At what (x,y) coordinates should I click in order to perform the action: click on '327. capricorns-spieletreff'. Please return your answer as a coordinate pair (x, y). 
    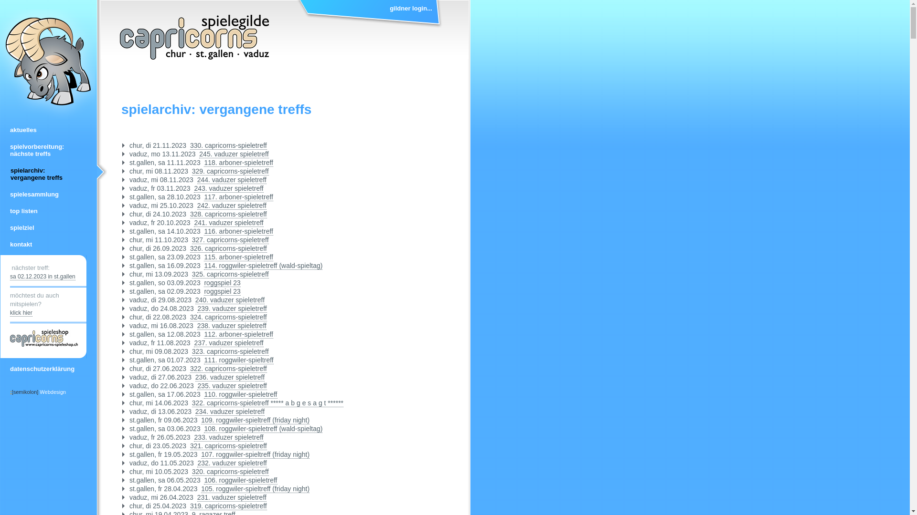
    Looking at the image, I should click on (230, 239).